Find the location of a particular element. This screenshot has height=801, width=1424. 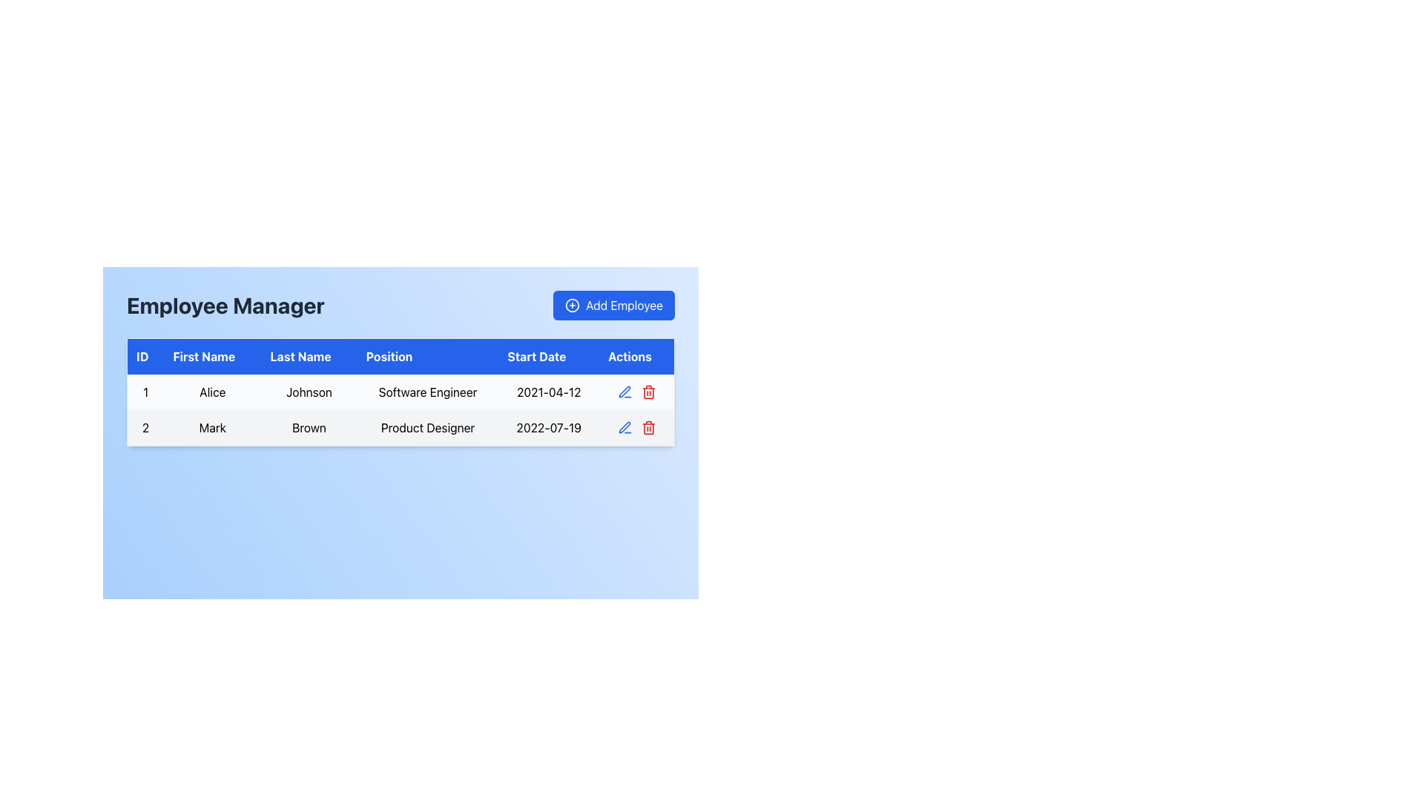

the 'First Name' TableHeader, which is a white text label on a blue background, located in the header row of a table, positioned between the 'ID' and 'Last Name' columns is located at coordinates (211, 356).